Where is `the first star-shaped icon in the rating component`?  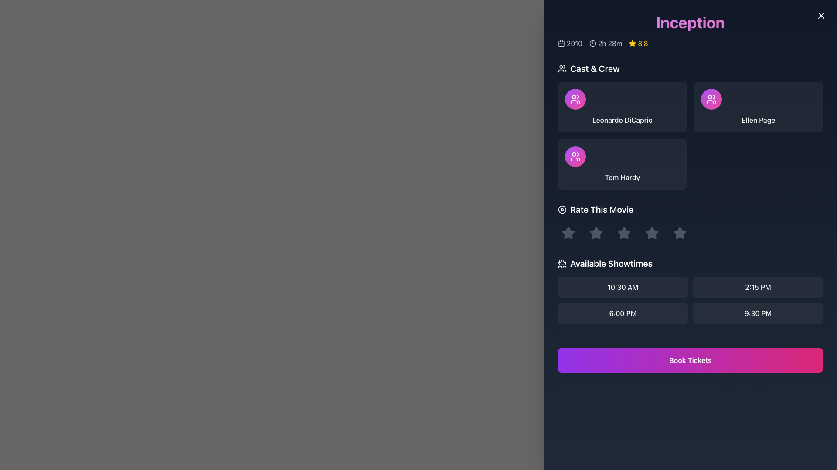 the first star-shaped icon in the rating component is located at coordinates (568, 233).